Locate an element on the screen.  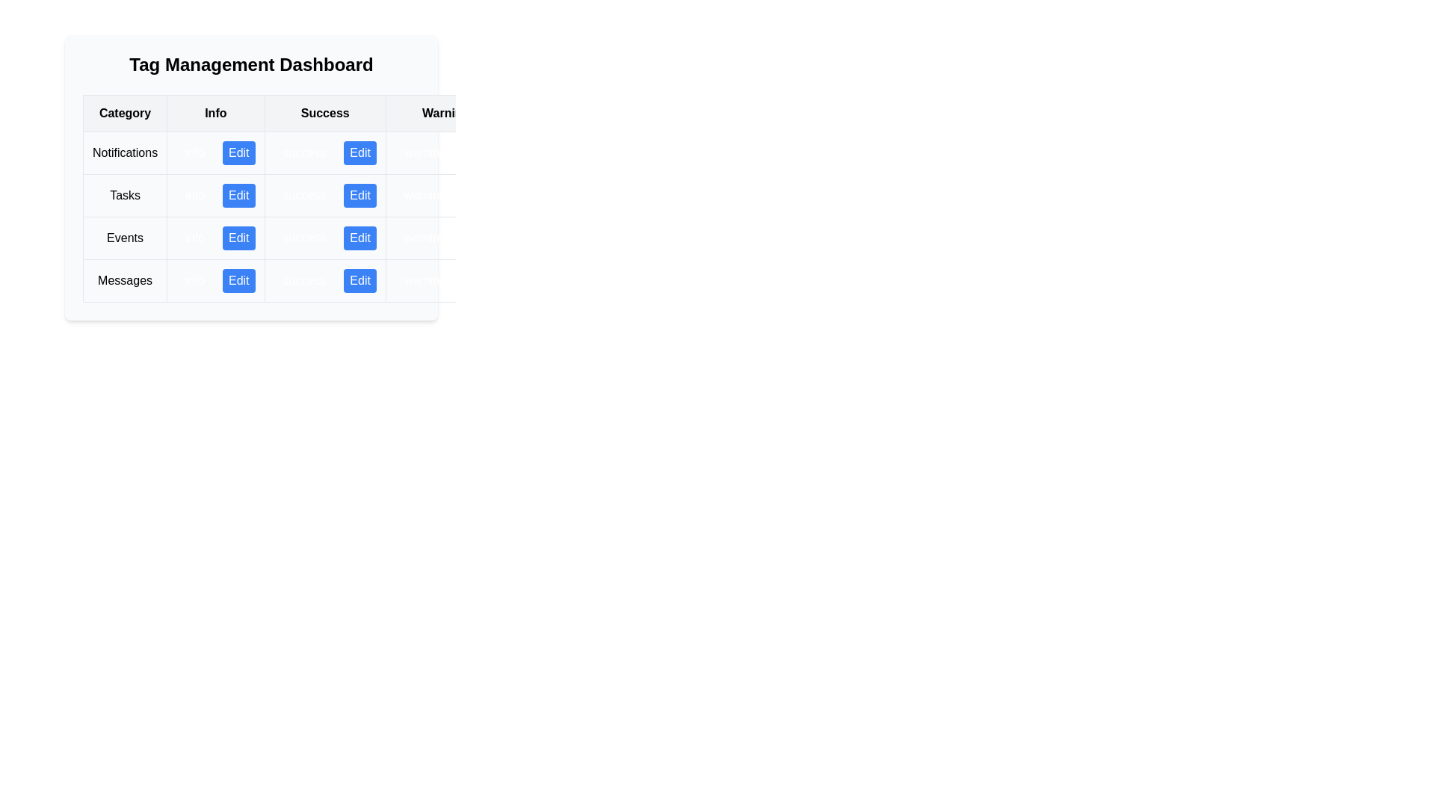
the 'info' label in the 'Tasks' row of the table is located at coordinates (215, 195).